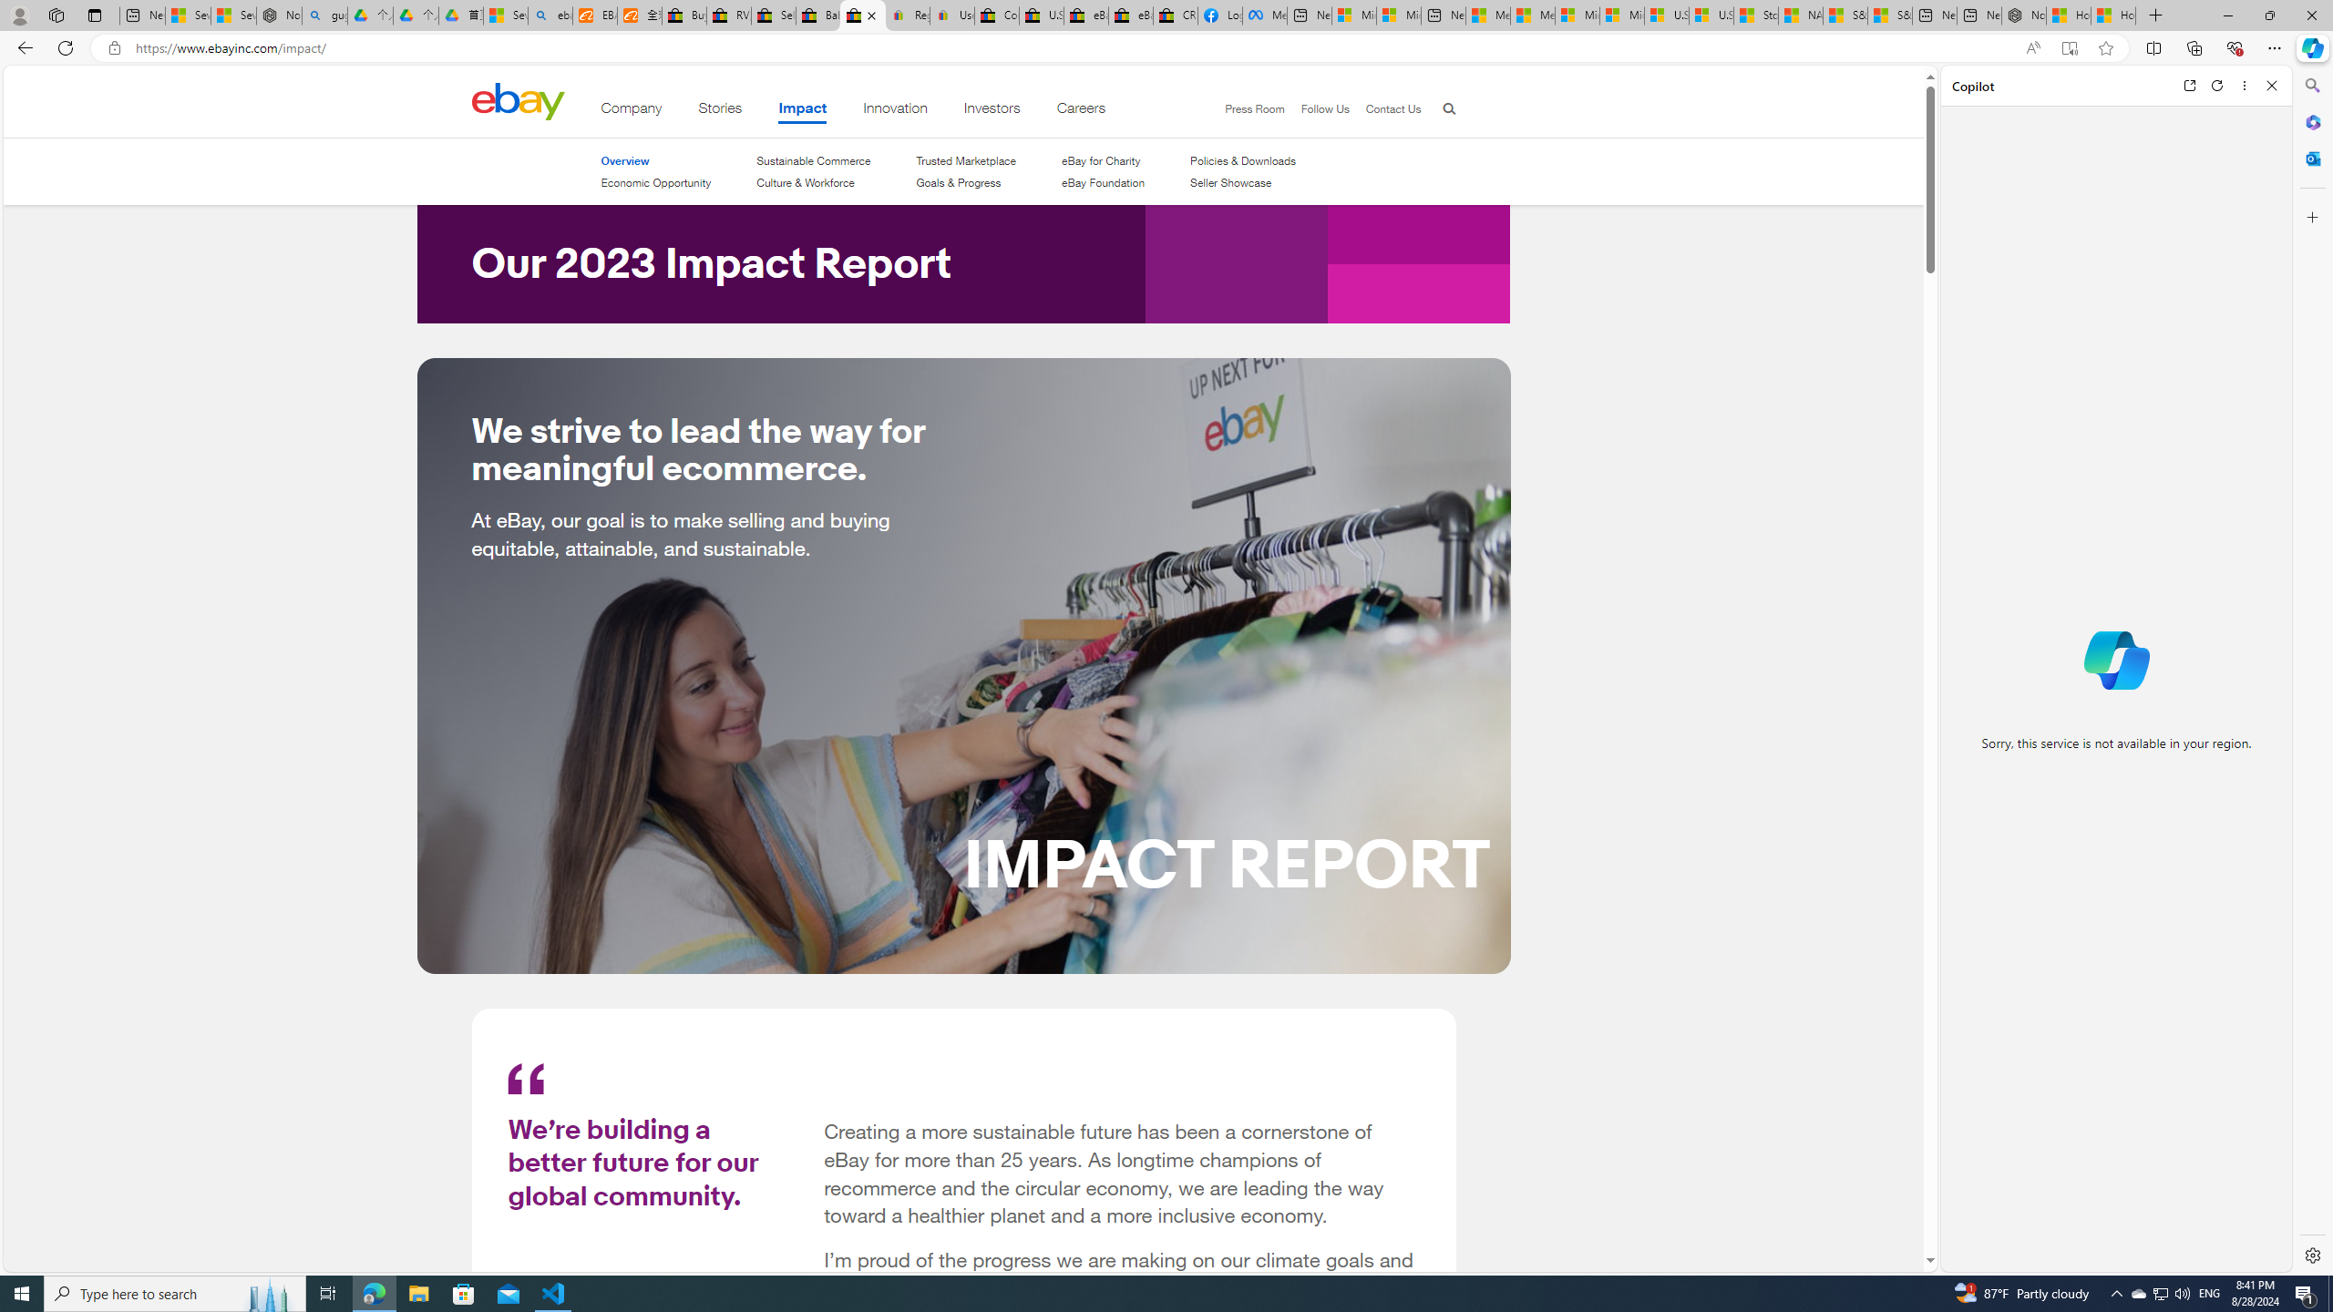  Describe the element at coordinates (773, 15) in the screenshot. I see `'Sell worldwide with eBay'` at that location.